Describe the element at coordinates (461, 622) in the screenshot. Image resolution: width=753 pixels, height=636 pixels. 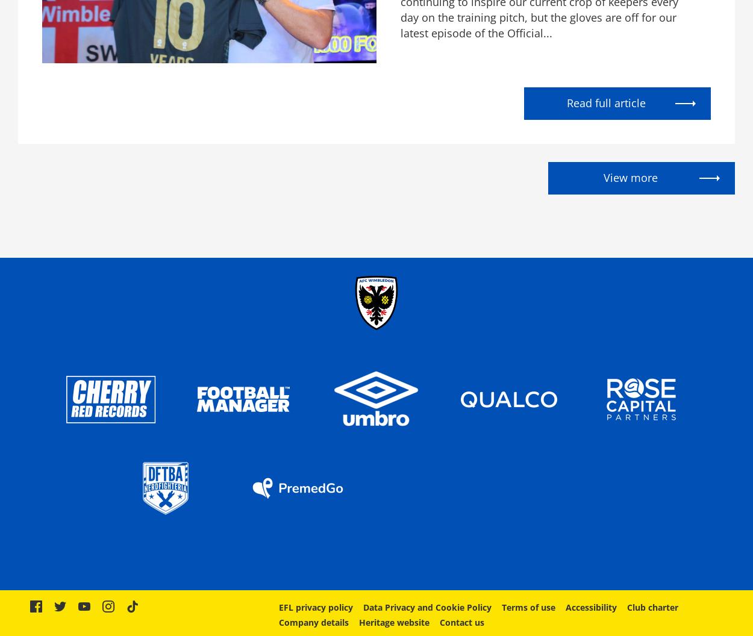
I see `'Contact us'` at that location.